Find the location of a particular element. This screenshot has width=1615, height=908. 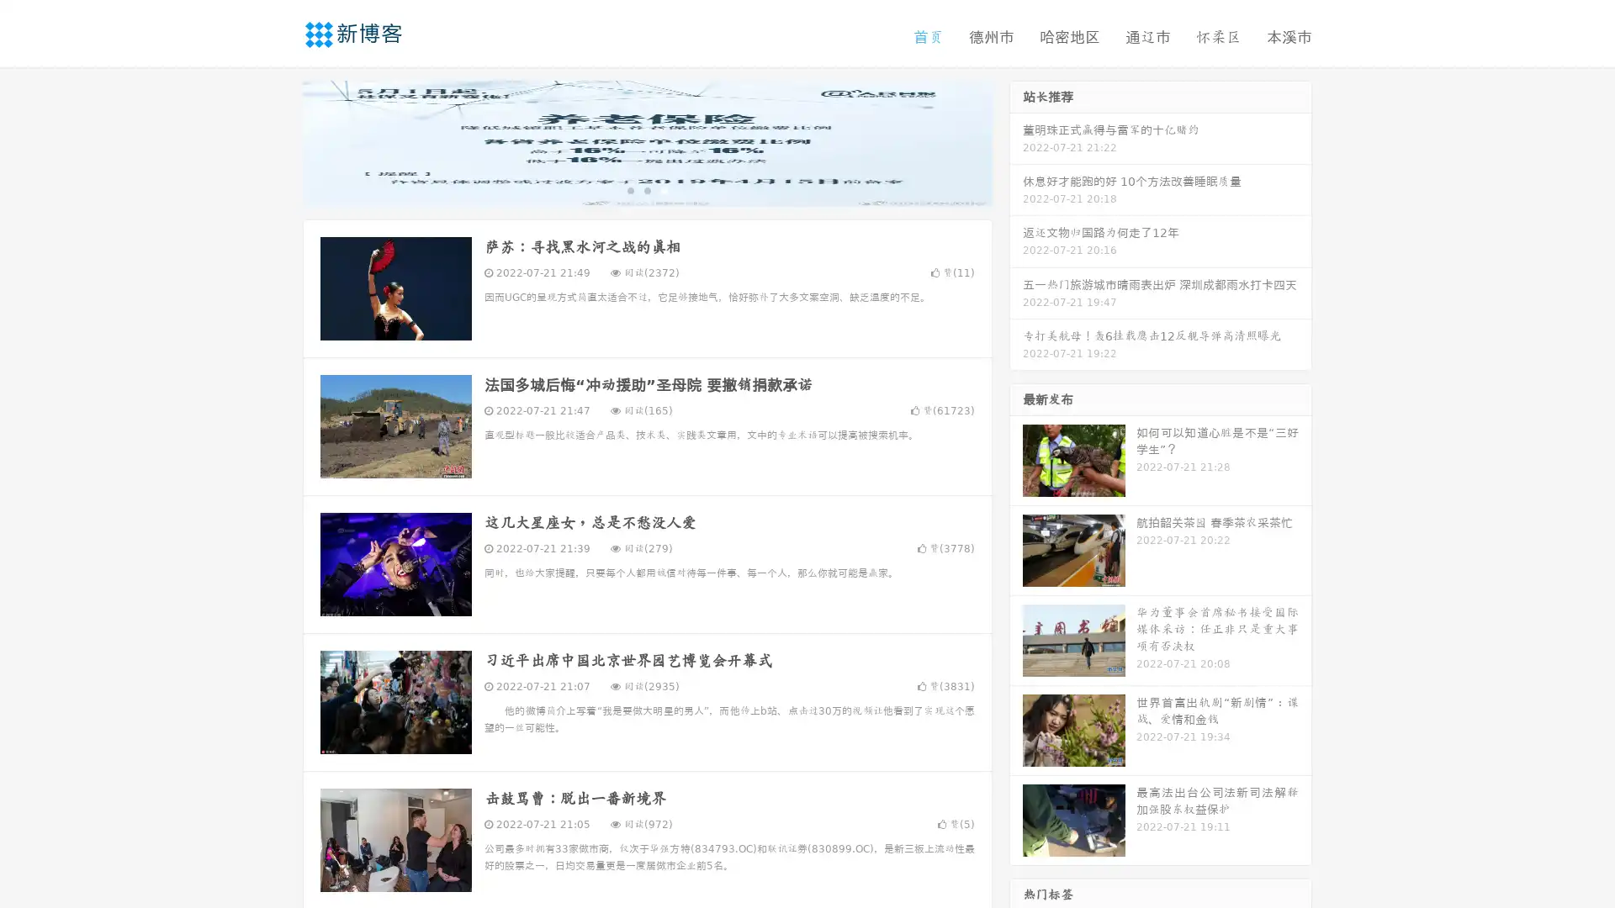

Previous slide is located at coordinates (278, 141).